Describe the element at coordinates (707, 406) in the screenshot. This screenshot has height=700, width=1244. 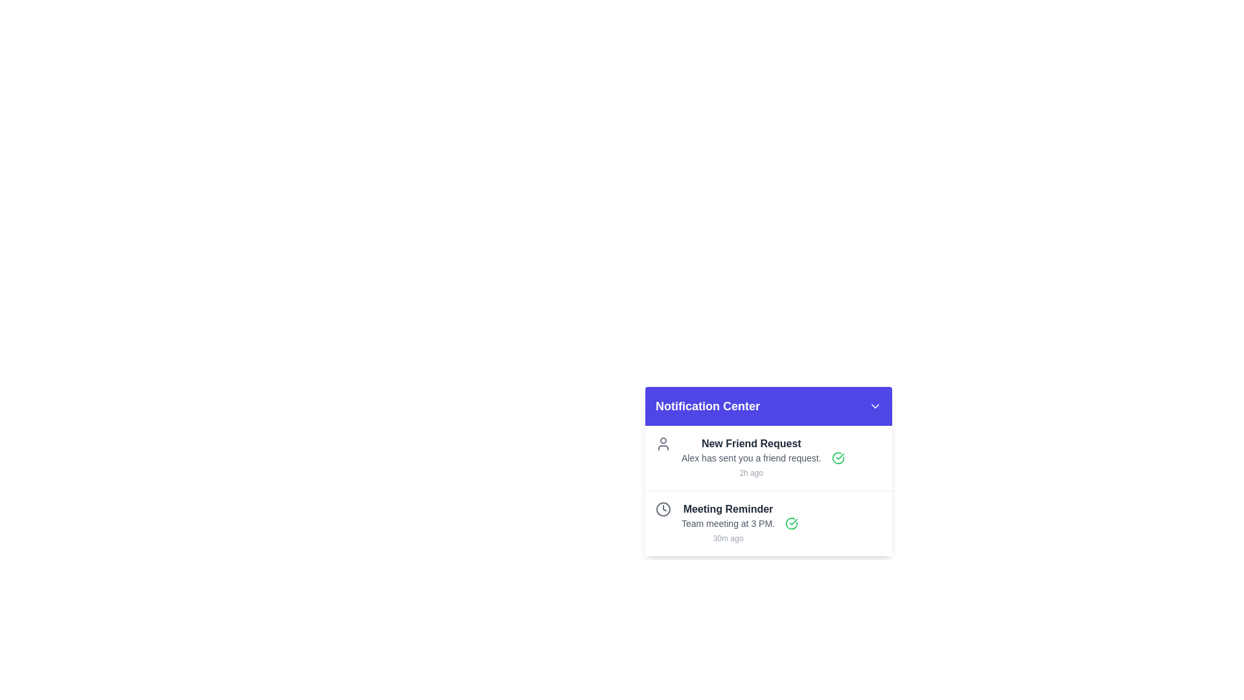
I see `the 'Notification Center' text label, which is displayed in bold white font against an indigo background, located at the top of the notification panel` at that location.